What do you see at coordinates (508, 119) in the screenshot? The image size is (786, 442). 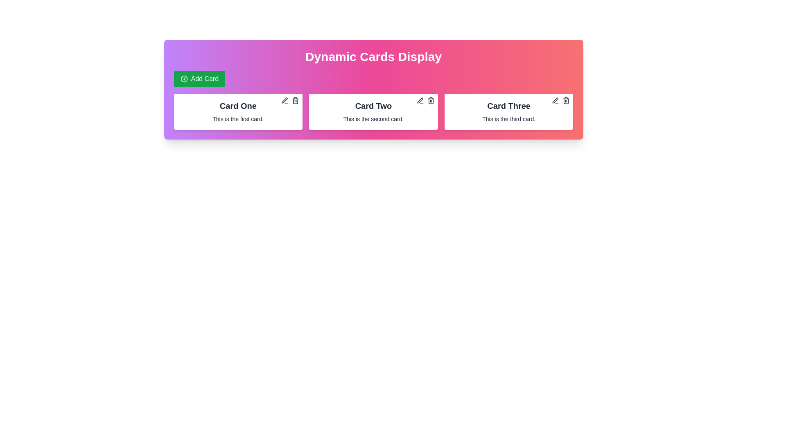 I see `the text displaying 'This is the third card.' positioned below the header 'Card Three' within the third card component` at bounding box center [508, 119].